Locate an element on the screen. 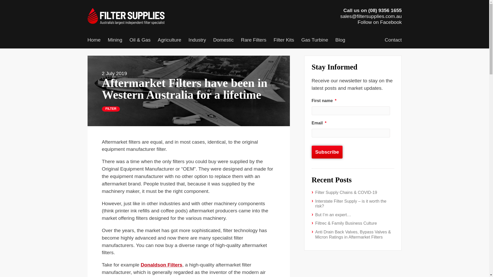 Image resolution: width=493 pixels, height=277 pixels. '(08) 9356 1655' is located at coordinates (385, 10).